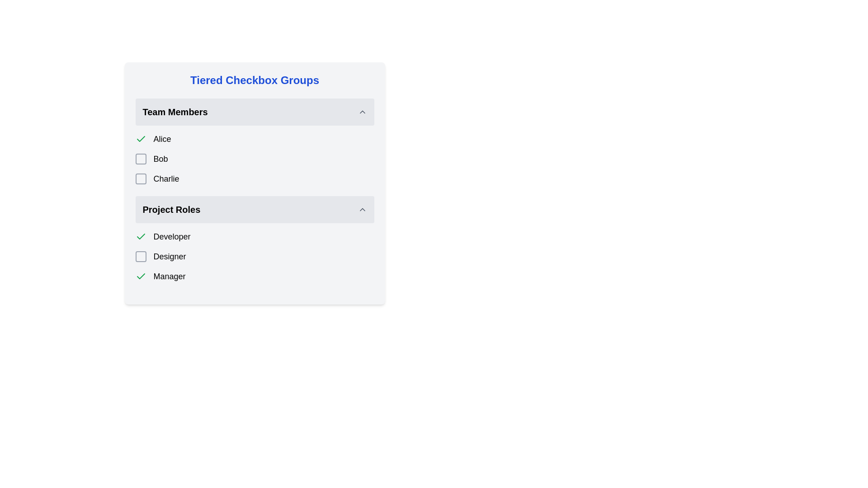 The image size is (868, 488). I want to click on text label displaying 'Developer' which is part of the 'Project Roles' section and is the first item in the list, so click(172, 236).